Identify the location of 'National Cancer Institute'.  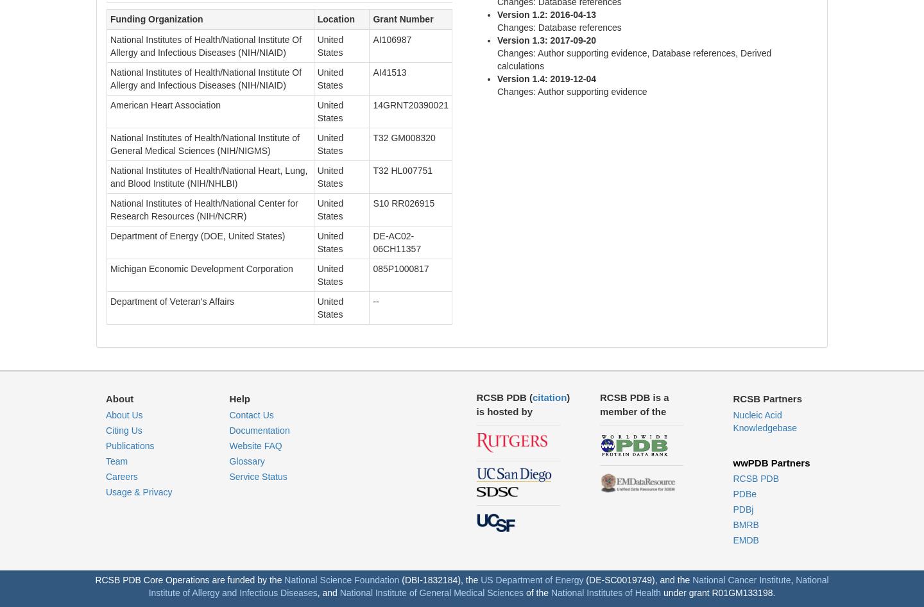
(741, 579).